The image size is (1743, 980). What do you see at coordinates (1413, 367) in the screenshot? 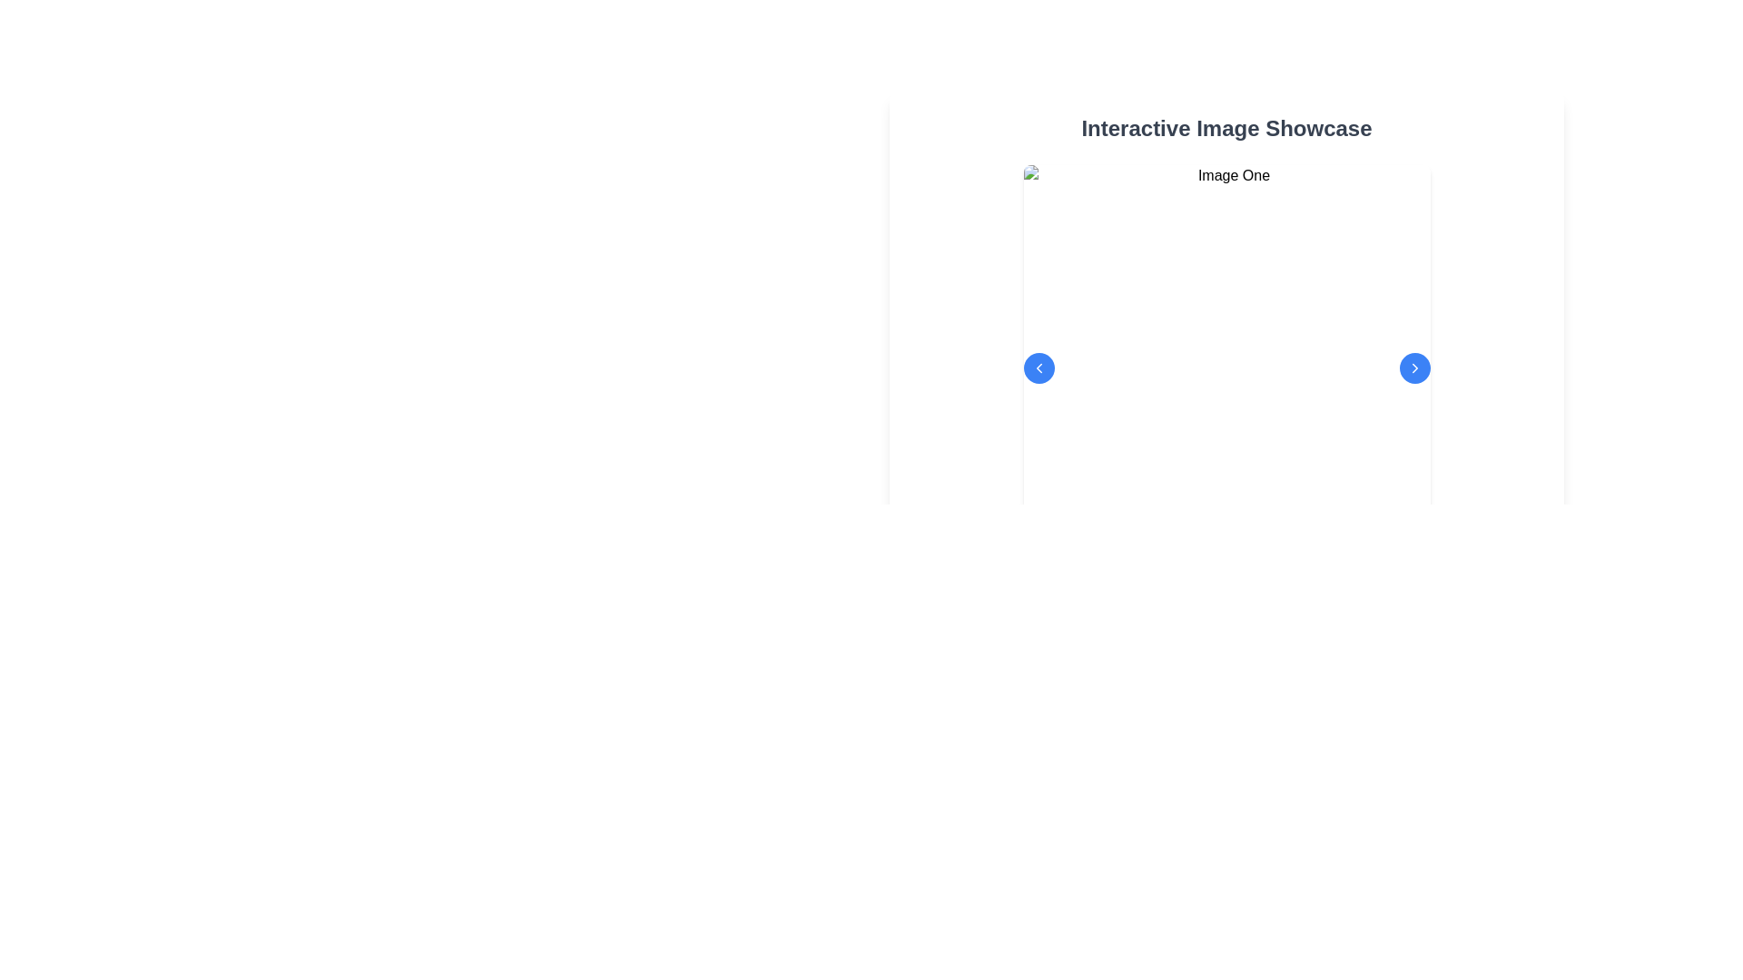
I see `the chevron arrow (right) vector graphic, which indicates rightward navigation in a carousel or stepper component` at bounding box center [1413, 367].